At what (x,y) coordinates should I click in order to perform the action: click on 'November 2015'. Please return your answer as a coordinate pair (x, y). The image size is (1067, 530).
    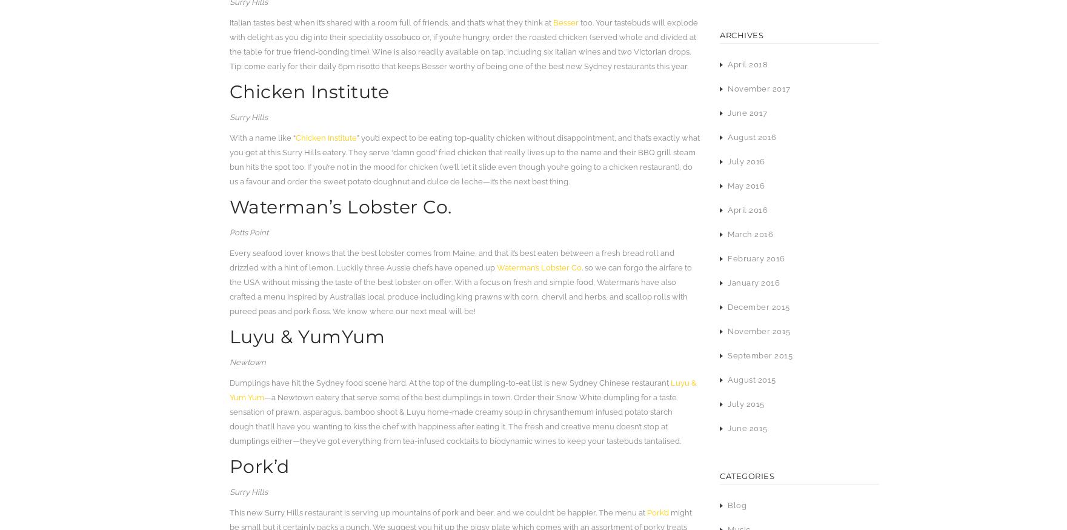
    Looking at the image, I should click on (759, 331).